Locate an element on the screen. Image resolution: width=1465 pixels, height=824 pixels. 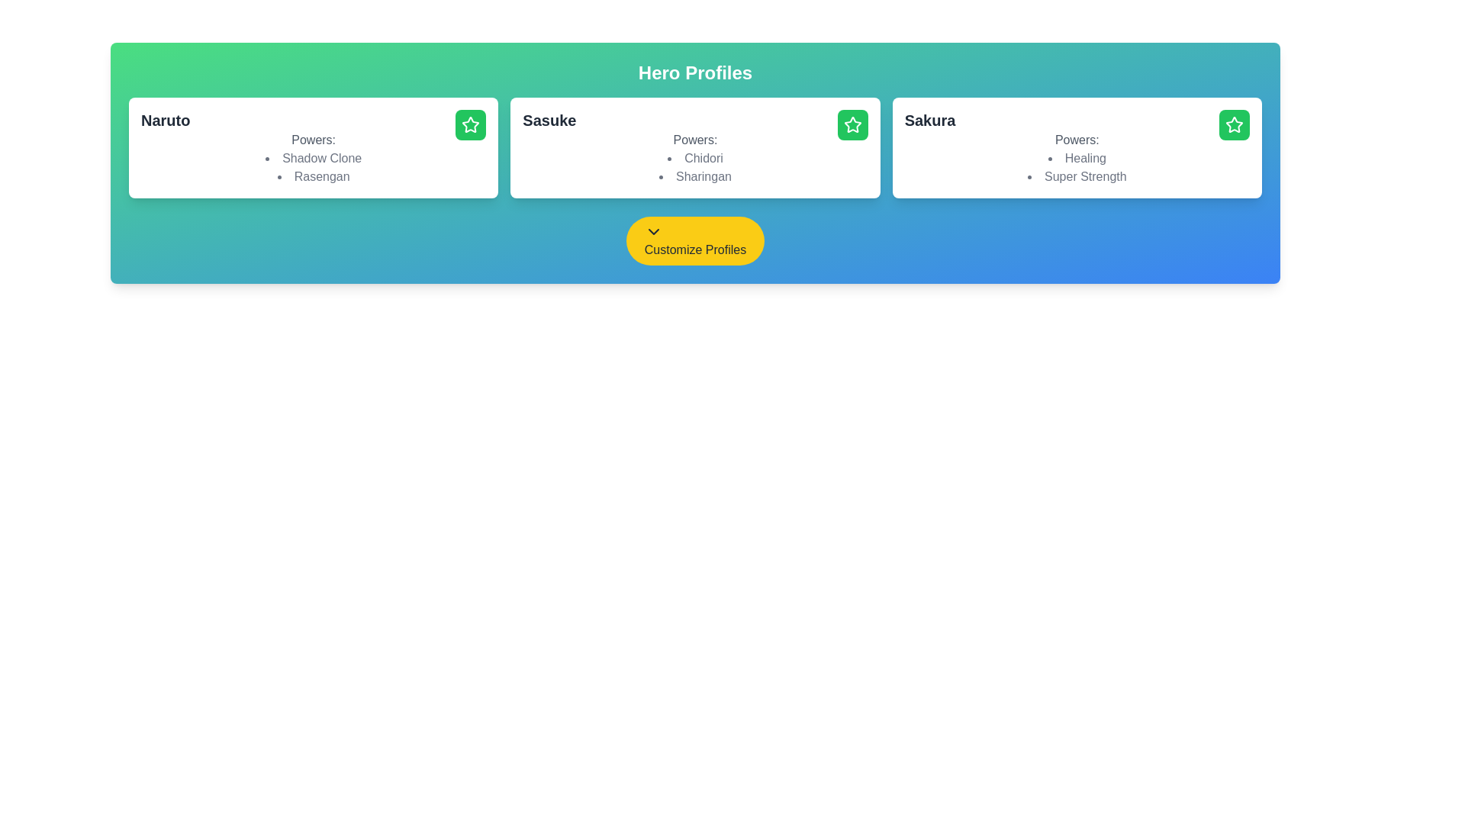
the static text label located below the title 'Sasuke' and above the list of powers 'Chidori' and 'Sharingan' in the second card of three cards is located at coordinates (694, 140).